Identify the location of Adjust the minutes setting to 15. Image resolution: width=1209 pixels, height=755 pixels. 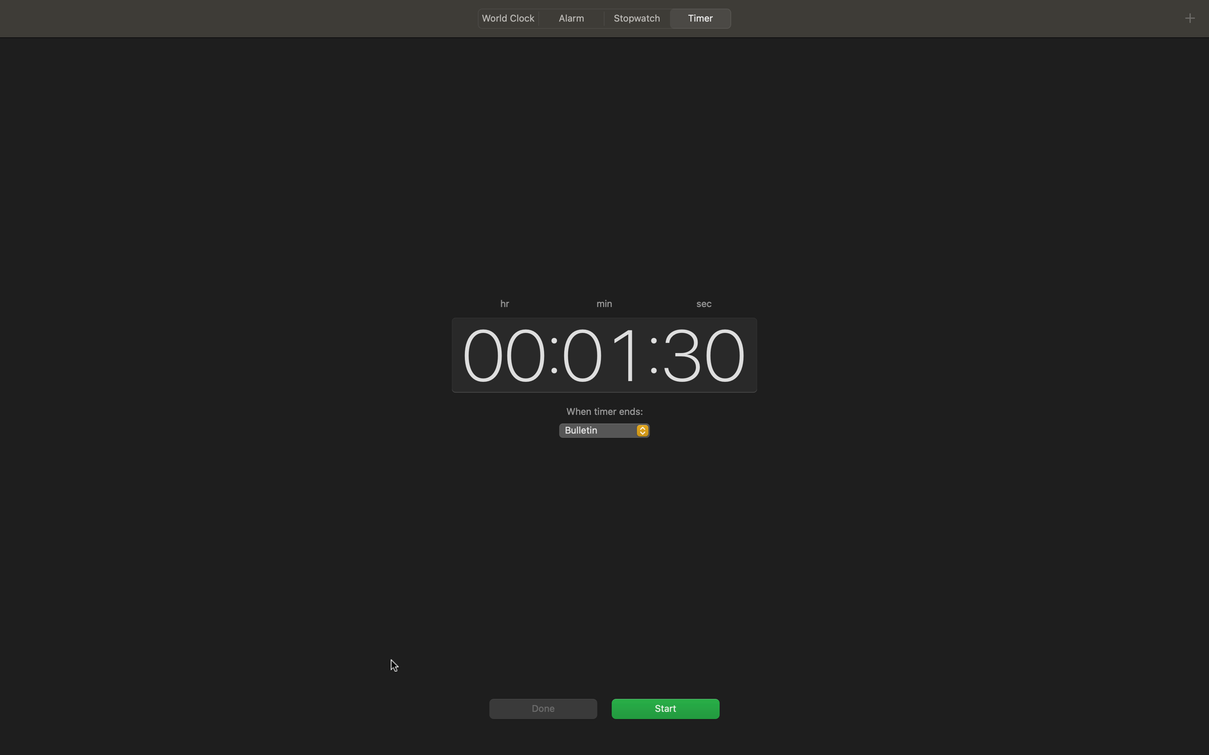
(600, 354).